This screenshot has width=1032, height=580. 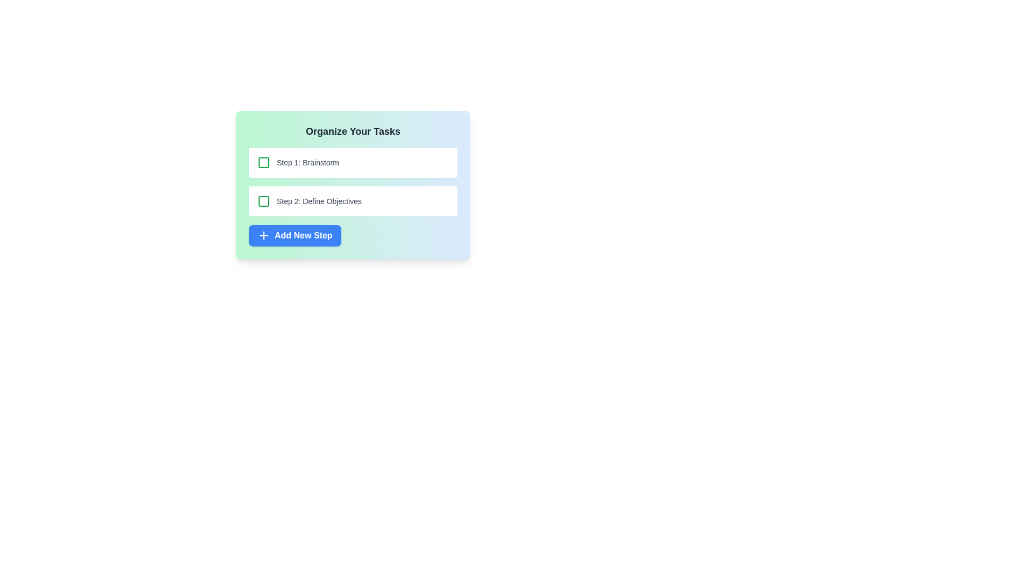 I want to click on the checkbox located in the first row of the task list, positioned to the left of the text 'Step 1: Brainstorm', so click(x=263, y=163).